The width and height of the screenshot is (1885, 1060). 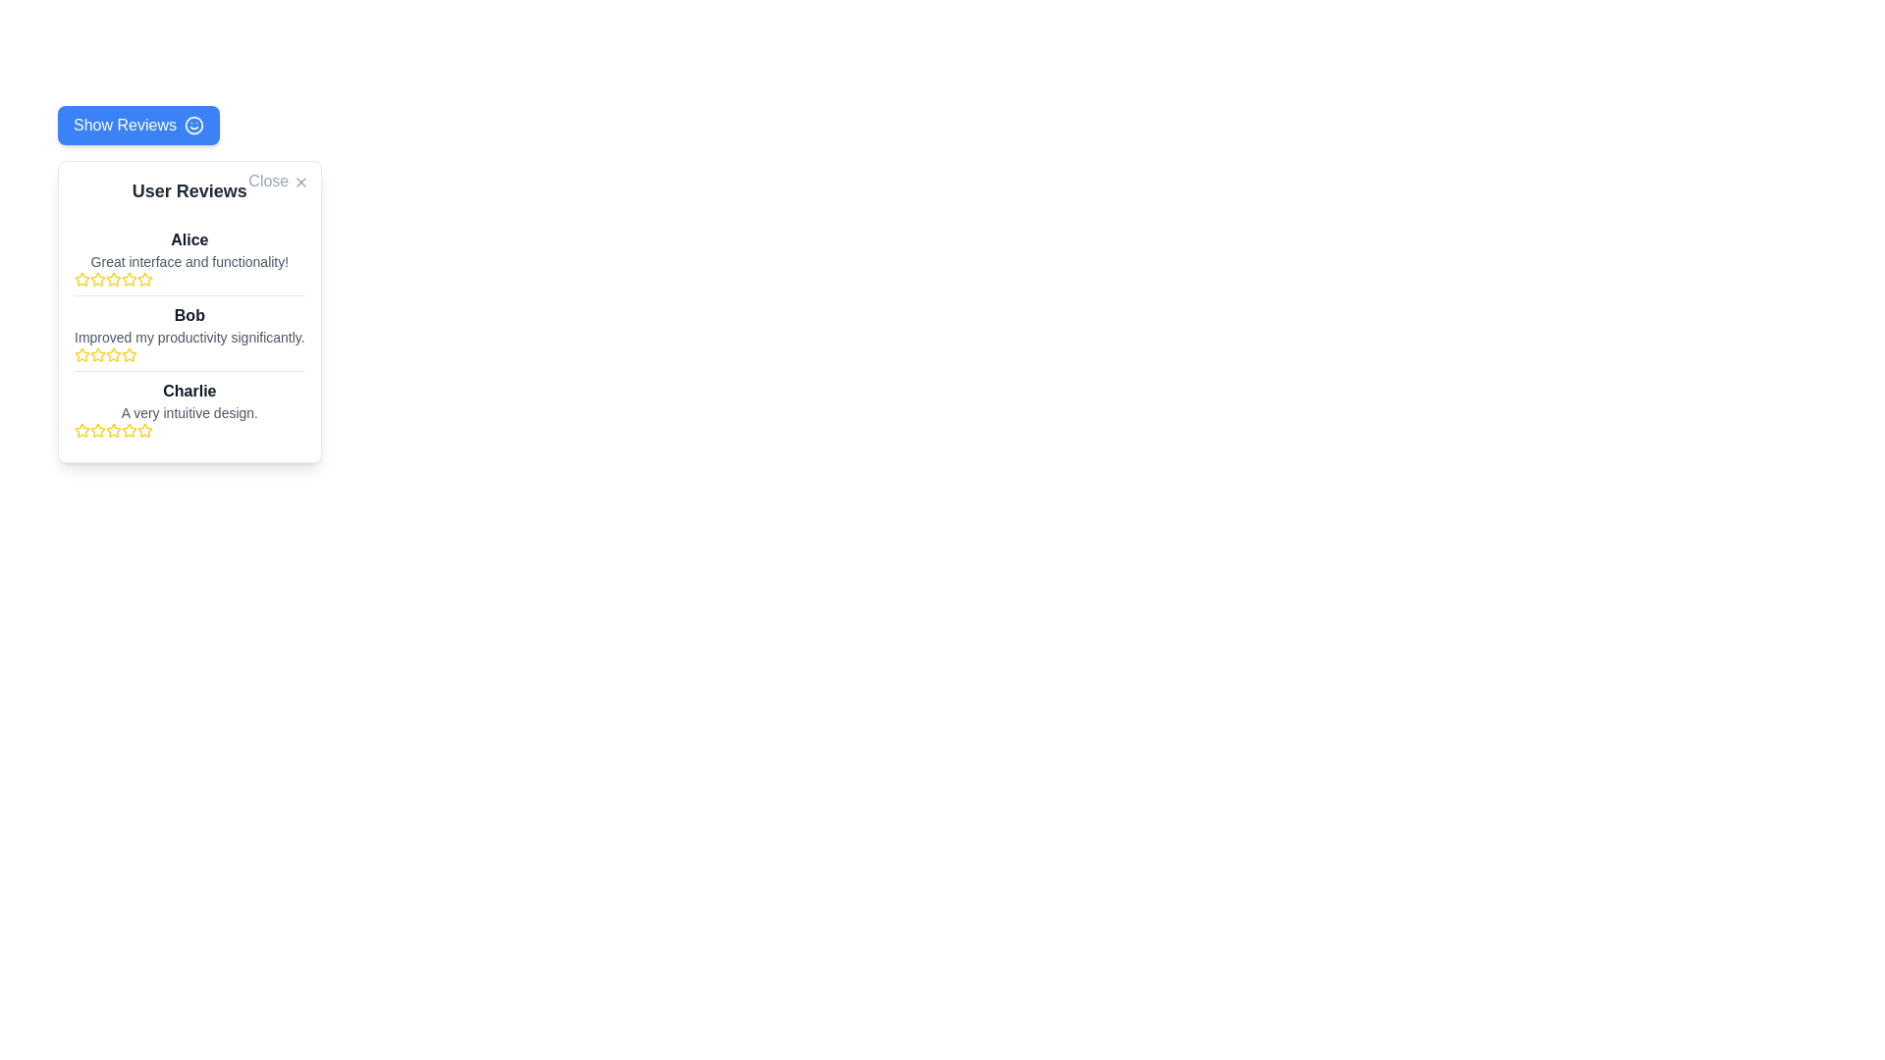 I want to click on the second star-shaped icon with a yellow outline in Bob's review rating, which is positioned in the second row of ratings within the review card layout, so click(x=112, y=354).